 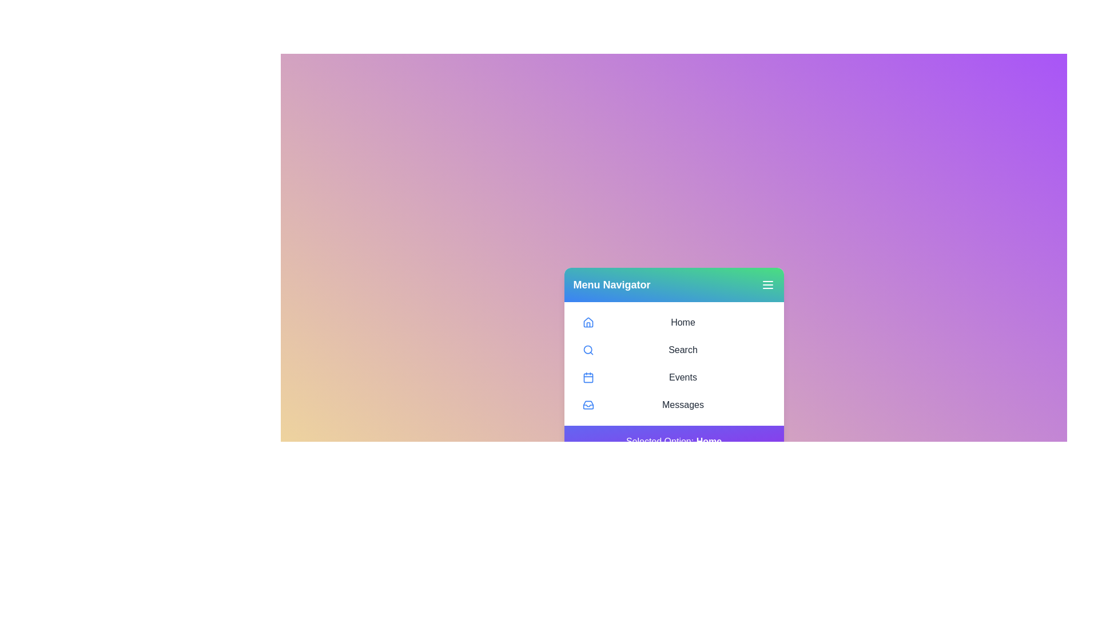 What do you see at coordinates (674, 350) in the screenshot?
I see `the menu item Search from the menu` at bounding box center [674, 350].